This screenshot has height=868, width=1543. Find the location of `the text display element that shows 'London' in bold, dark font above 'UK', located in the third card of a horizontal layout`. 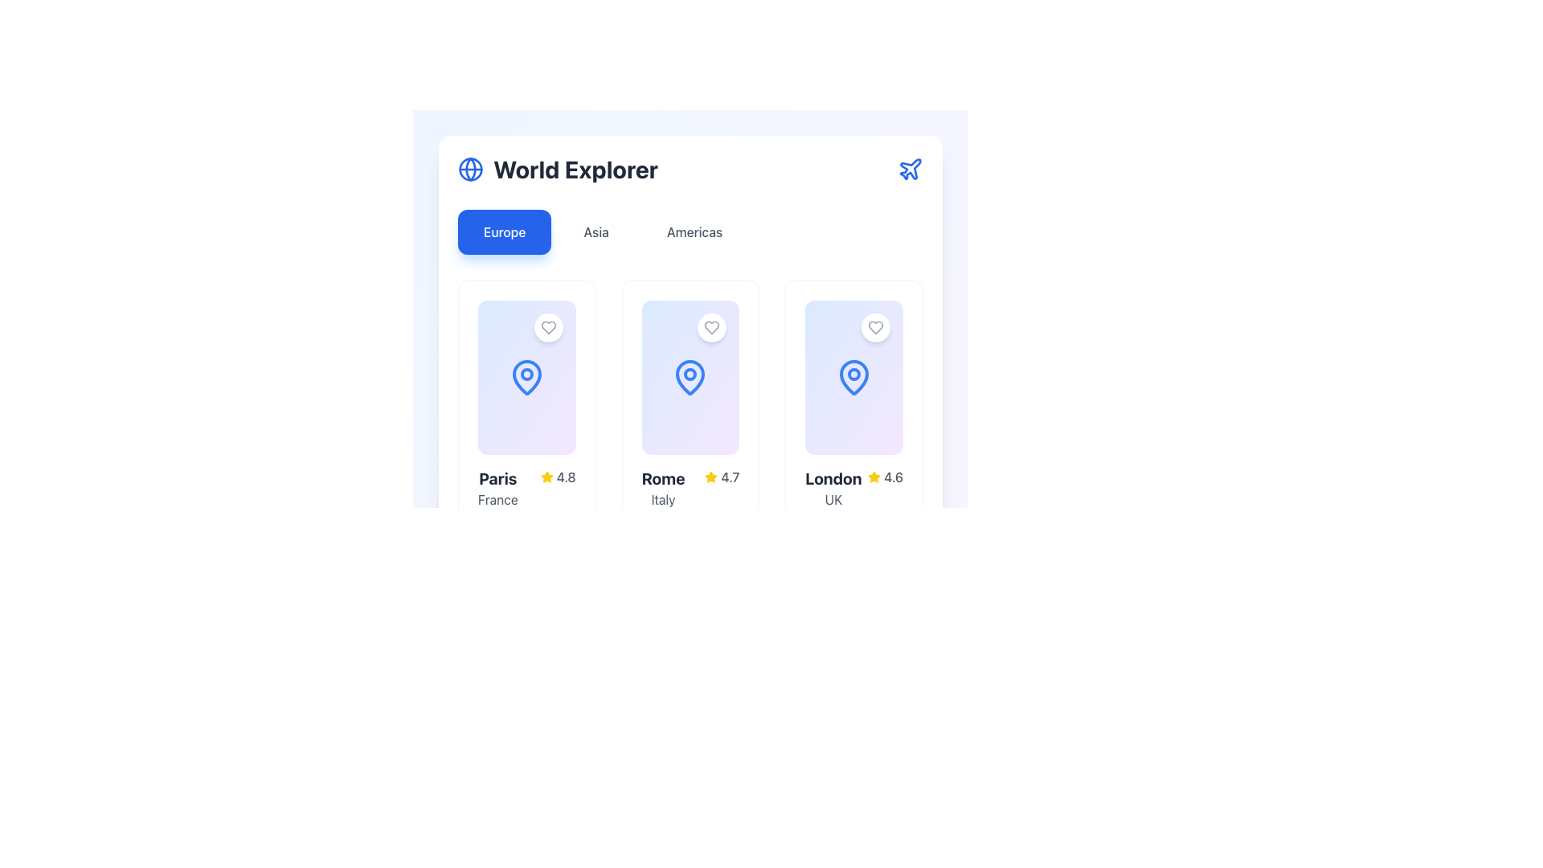

the text display element that shows 'London' in bold, dark font above 'UK', located in the third card of a horizontal layout is located at coordinates (833, 488).